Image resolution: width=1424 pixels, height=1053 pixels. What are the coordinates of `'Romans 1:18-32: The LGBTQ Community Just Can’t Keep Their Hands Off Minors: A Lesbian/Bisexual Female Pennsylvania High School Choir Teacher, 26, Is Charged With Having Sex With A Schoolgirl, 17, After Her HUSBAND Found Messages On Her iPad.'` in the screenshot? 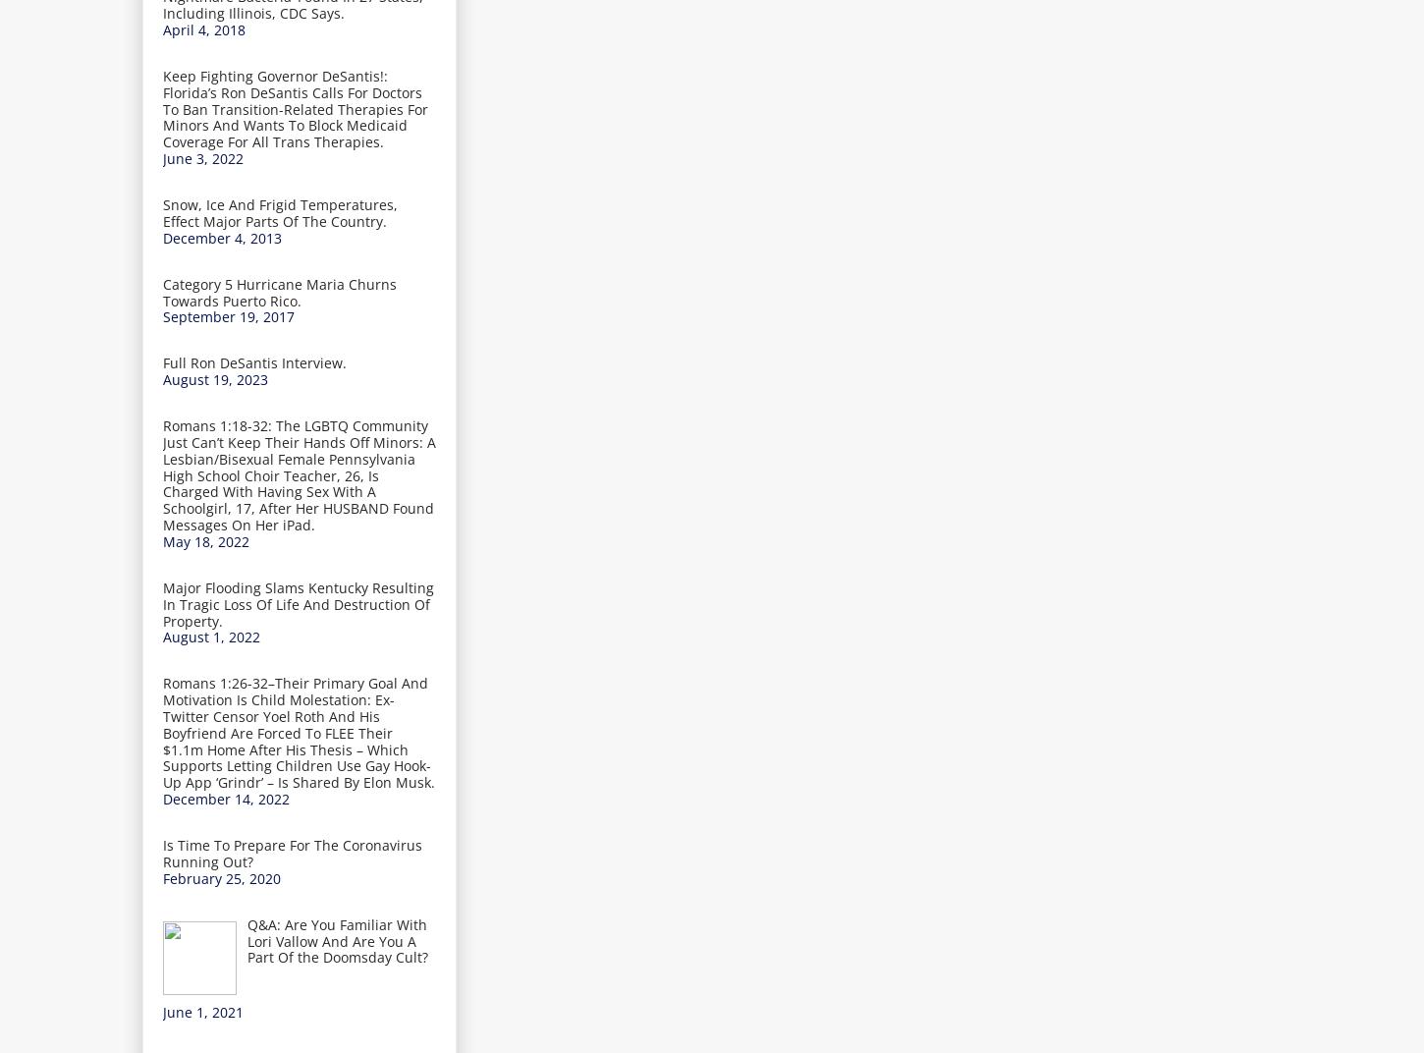 It's located at (299, 475).